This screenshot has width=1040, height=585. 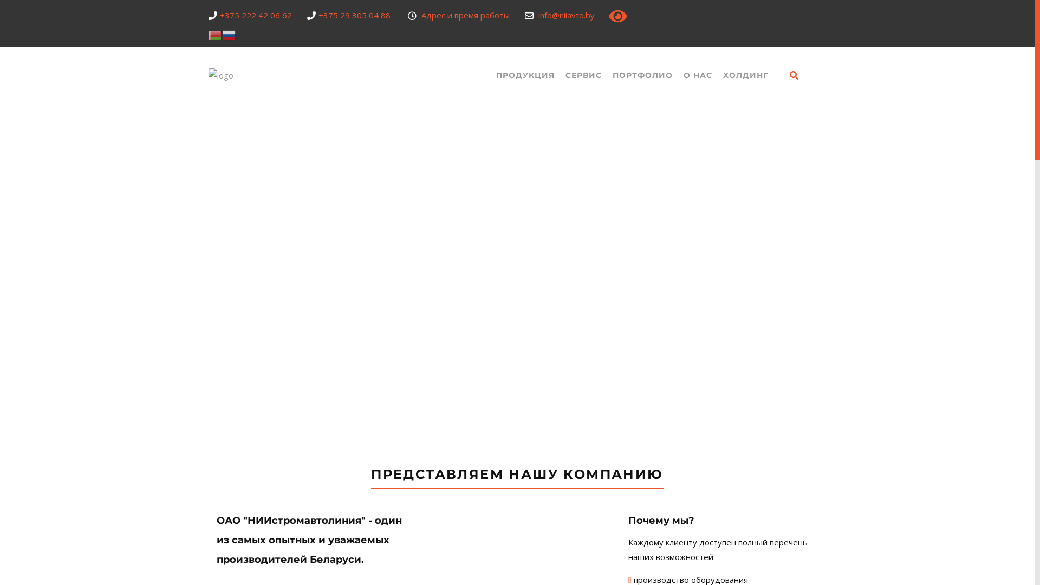 I want to click on '+375 222 42 06 62', so click(x=255, y=15).